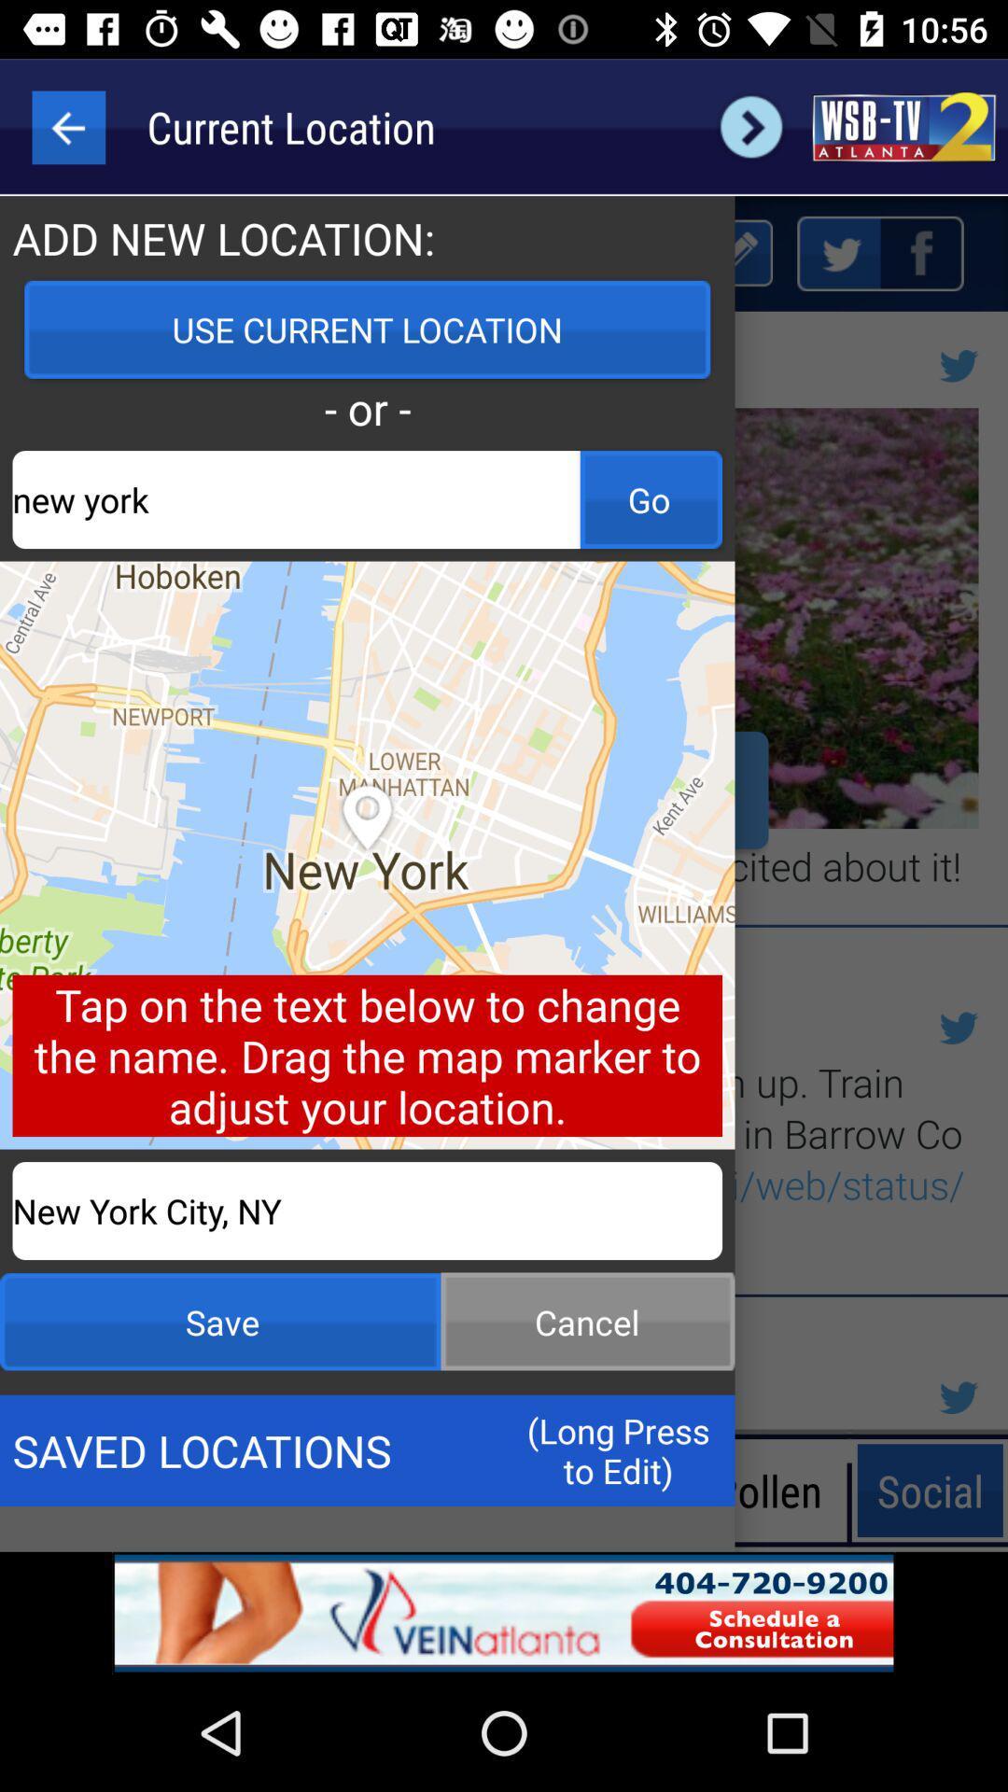 The image size is (1008, 1792). I want to click on the arrow_forward icon, so click(750, 126).